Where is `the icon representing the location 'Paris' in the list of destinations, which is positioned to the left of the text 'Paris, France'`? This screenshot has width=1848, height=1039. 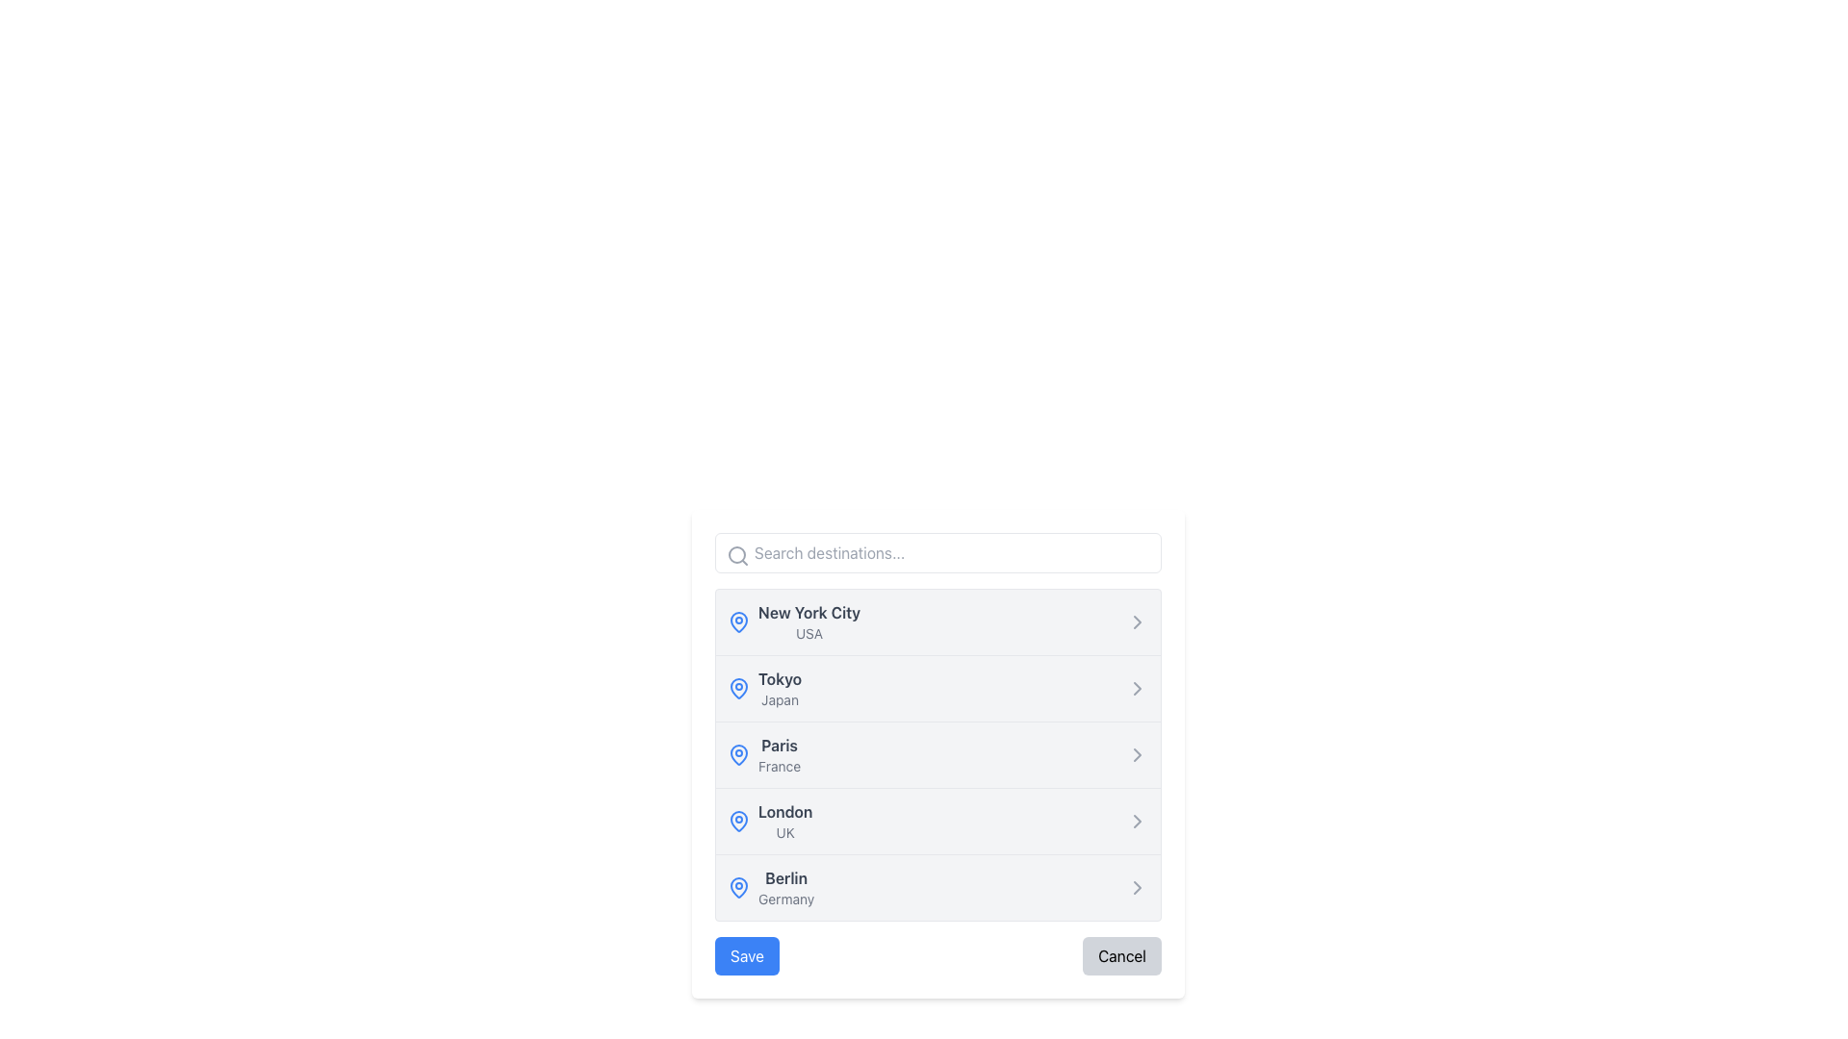
the icon representing the location 'Paris' in the list of destinations, which is positioned to the left of the text 'Paris, France' is located at coordinates (738, 752).